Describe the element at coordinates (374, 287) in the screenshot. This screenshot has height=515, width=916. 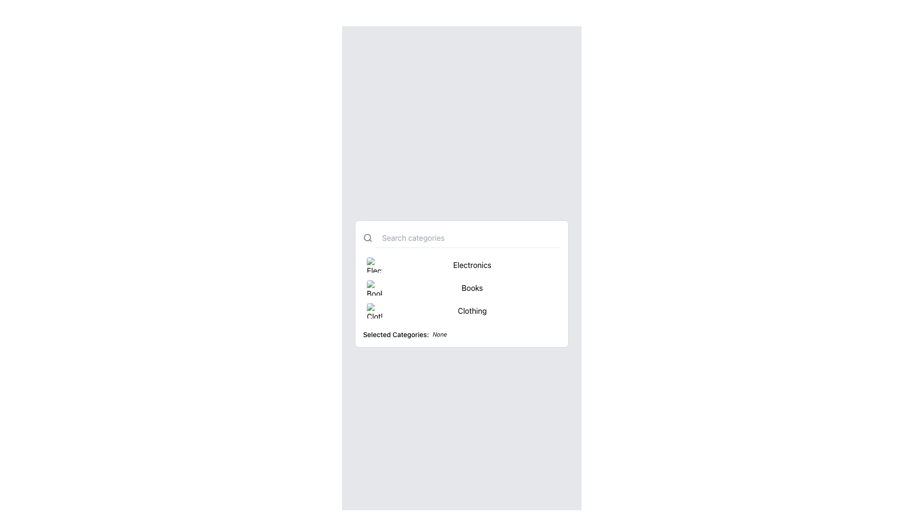
I see `the 8x8 icon representing an image pointing to the source '/icons/books.png', located to the left of the text 'Books' in the vertical list of categories` at that location.